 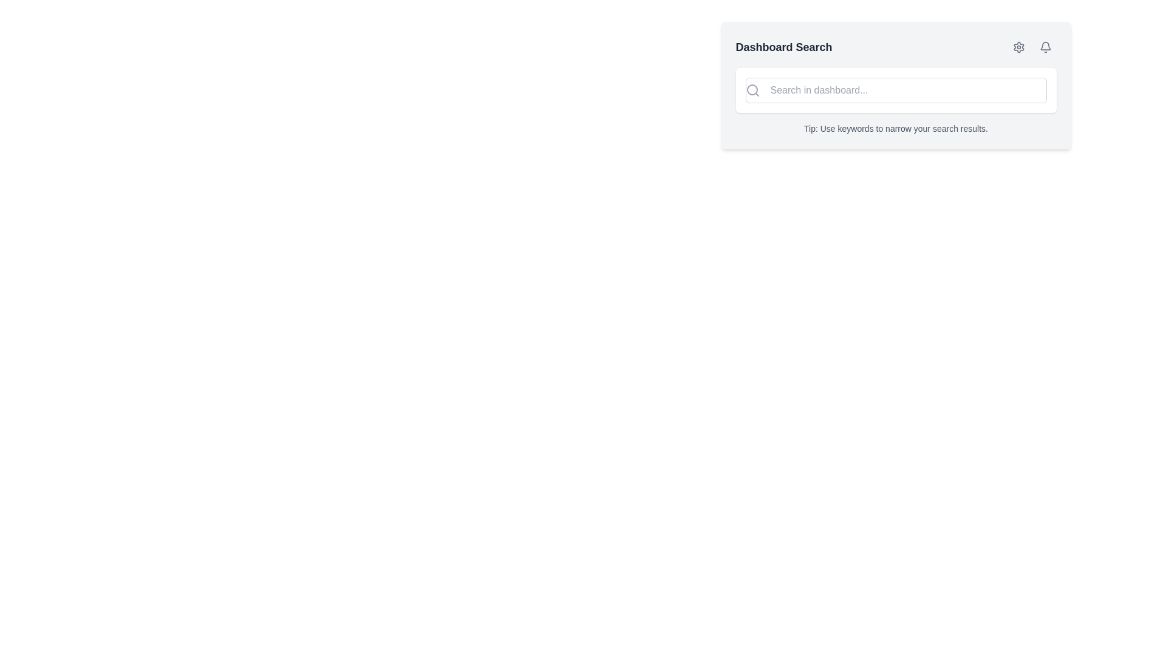 I want to click on the search icon, which is a circular frame with a magnifying glass, located inside the search bar aligned to the left of the placeholder text 'Search in dashboard...', so click(x=752, y=90).